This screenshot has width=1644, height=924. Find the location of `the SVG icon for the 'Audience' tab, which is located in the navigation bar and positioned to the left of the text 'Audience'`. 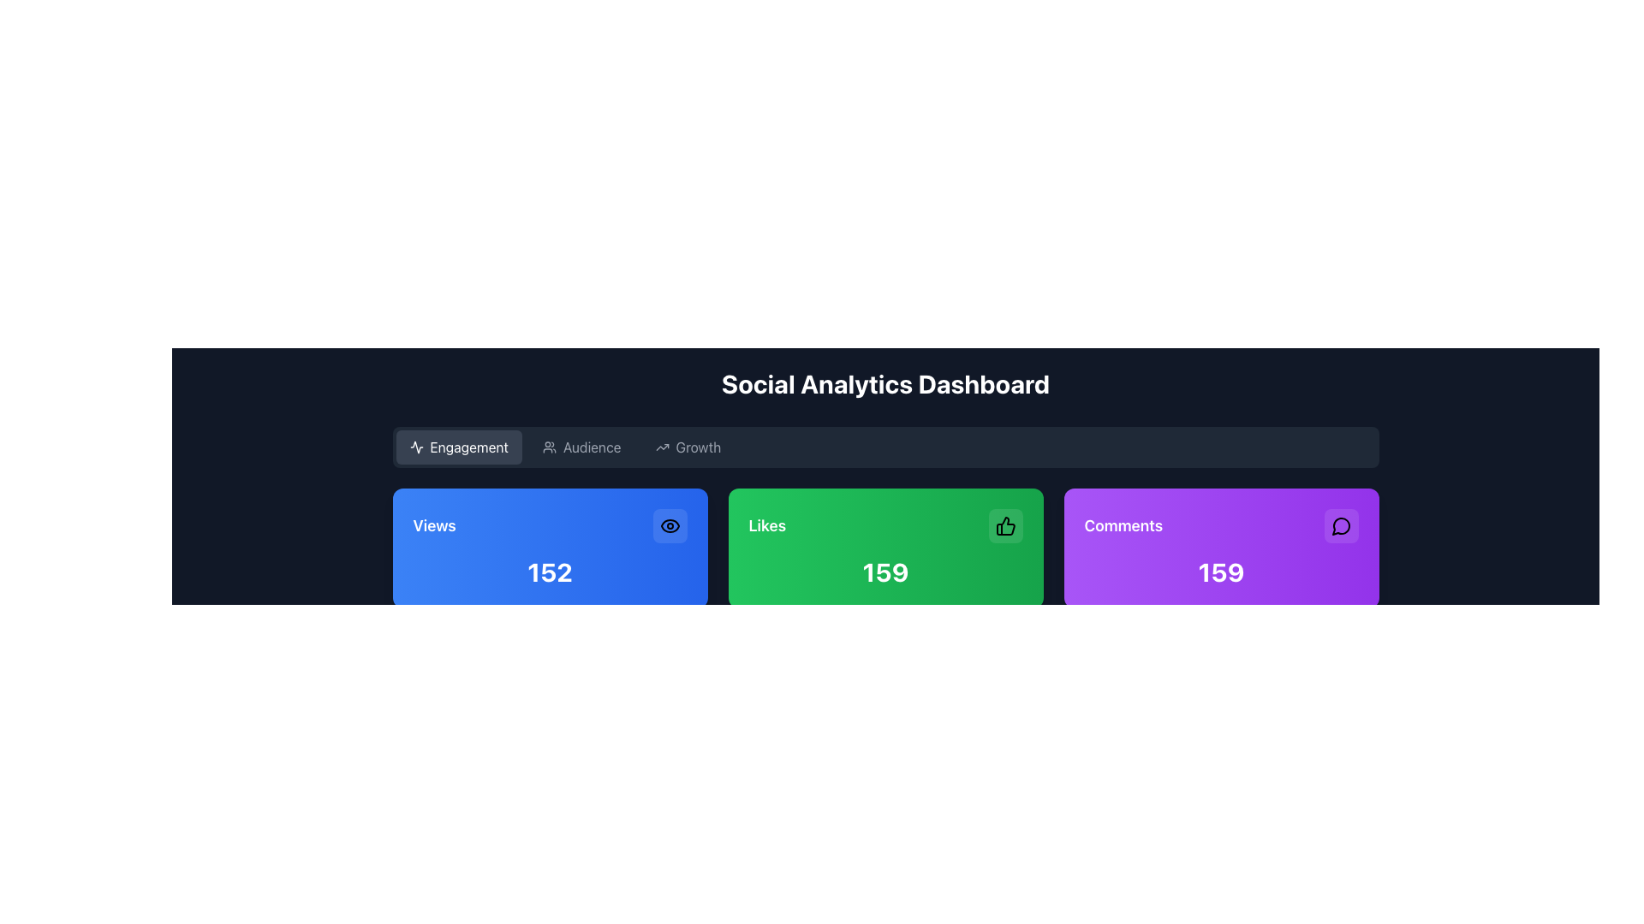

the SVG icon for the 'Audience' tab, which is located in the navigation bar and positioned to the left of the text 'Audience' is located at coordinates (549, 447).